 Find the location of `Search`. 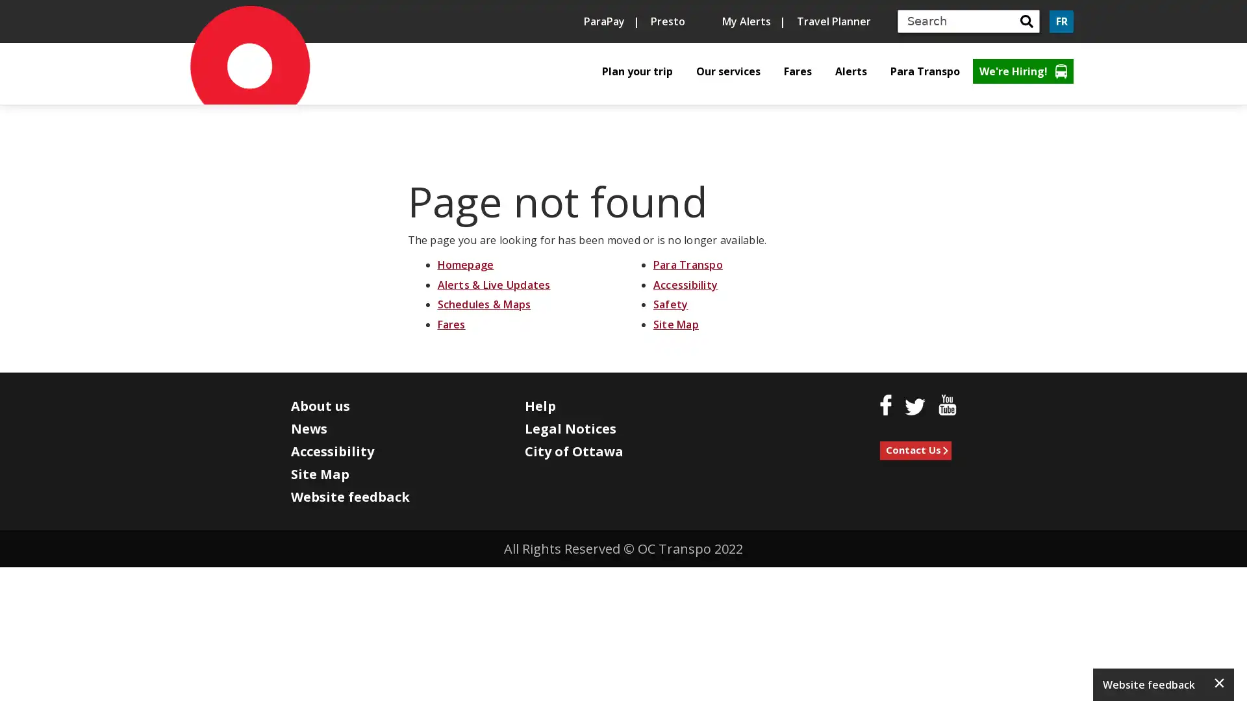

Search is located at coordinates (1025, 21).